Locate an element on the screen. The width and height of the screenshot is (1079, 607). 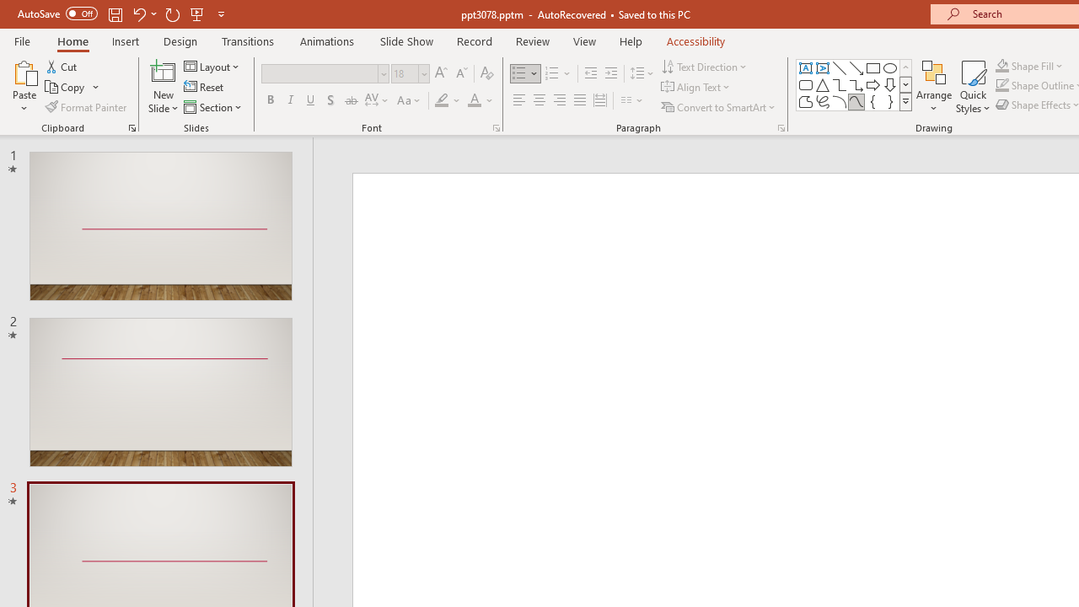
'Convert to SmartArt' is located at coordinates (719, 107).